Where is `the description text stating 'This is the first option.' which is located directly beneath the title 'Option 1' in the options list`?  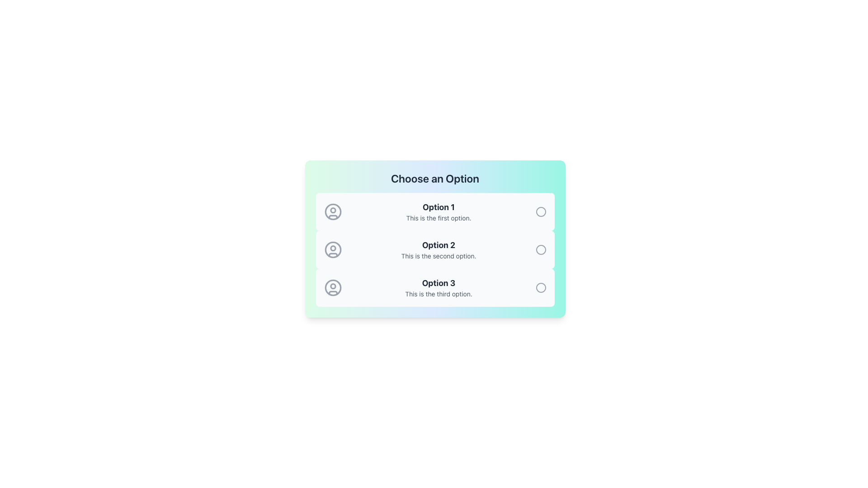
the description text stating 'This is the first option.' which is located directly beneath the title 'Option 1' in the options list is located at coordinates (439, 218).